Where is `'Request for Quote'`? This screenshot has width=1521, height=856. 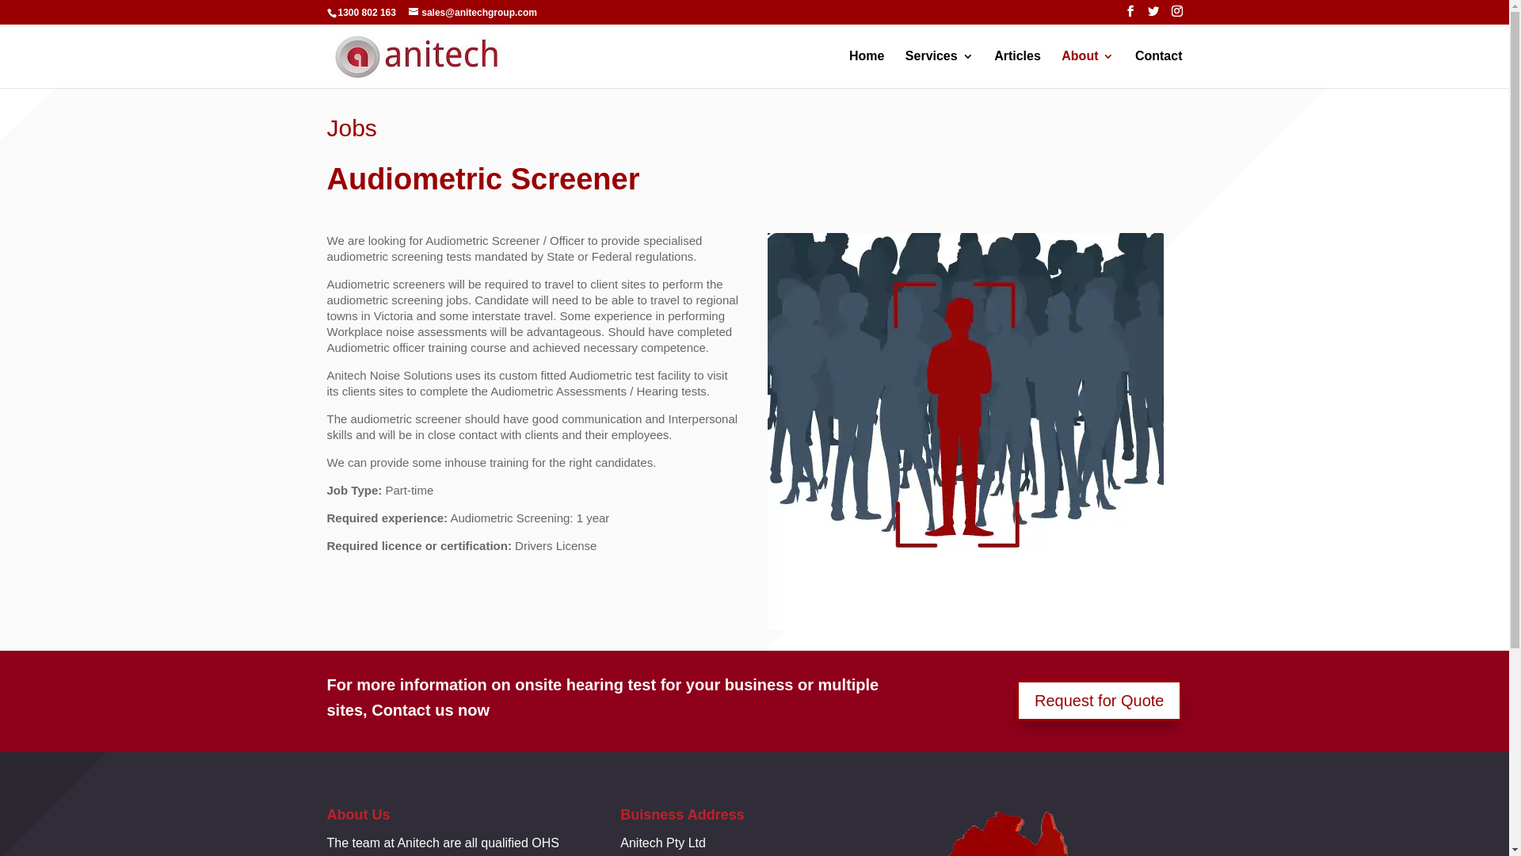
'Request for Quote' is located at coordinates (1098, 699).